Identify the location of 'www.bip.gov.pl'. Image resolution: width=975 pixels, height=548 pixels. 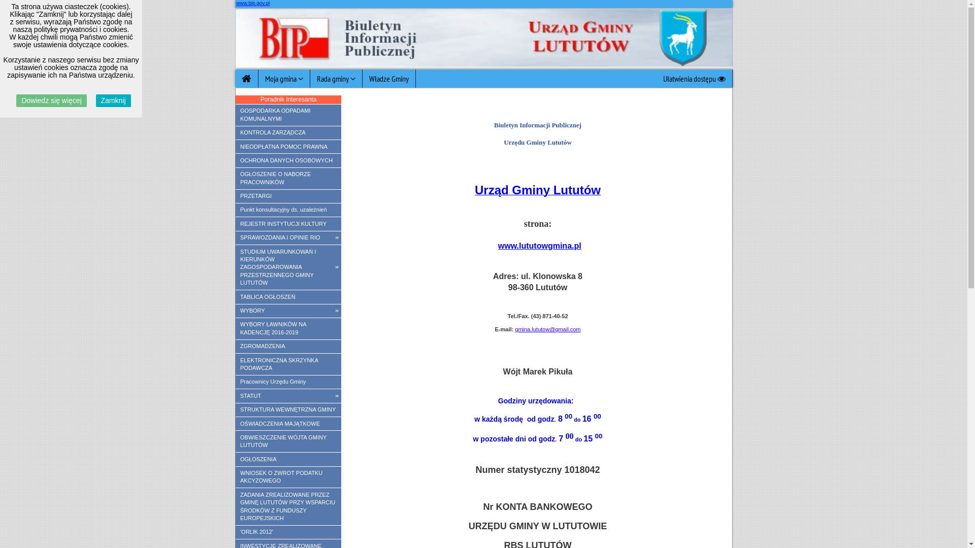
(253, 3).